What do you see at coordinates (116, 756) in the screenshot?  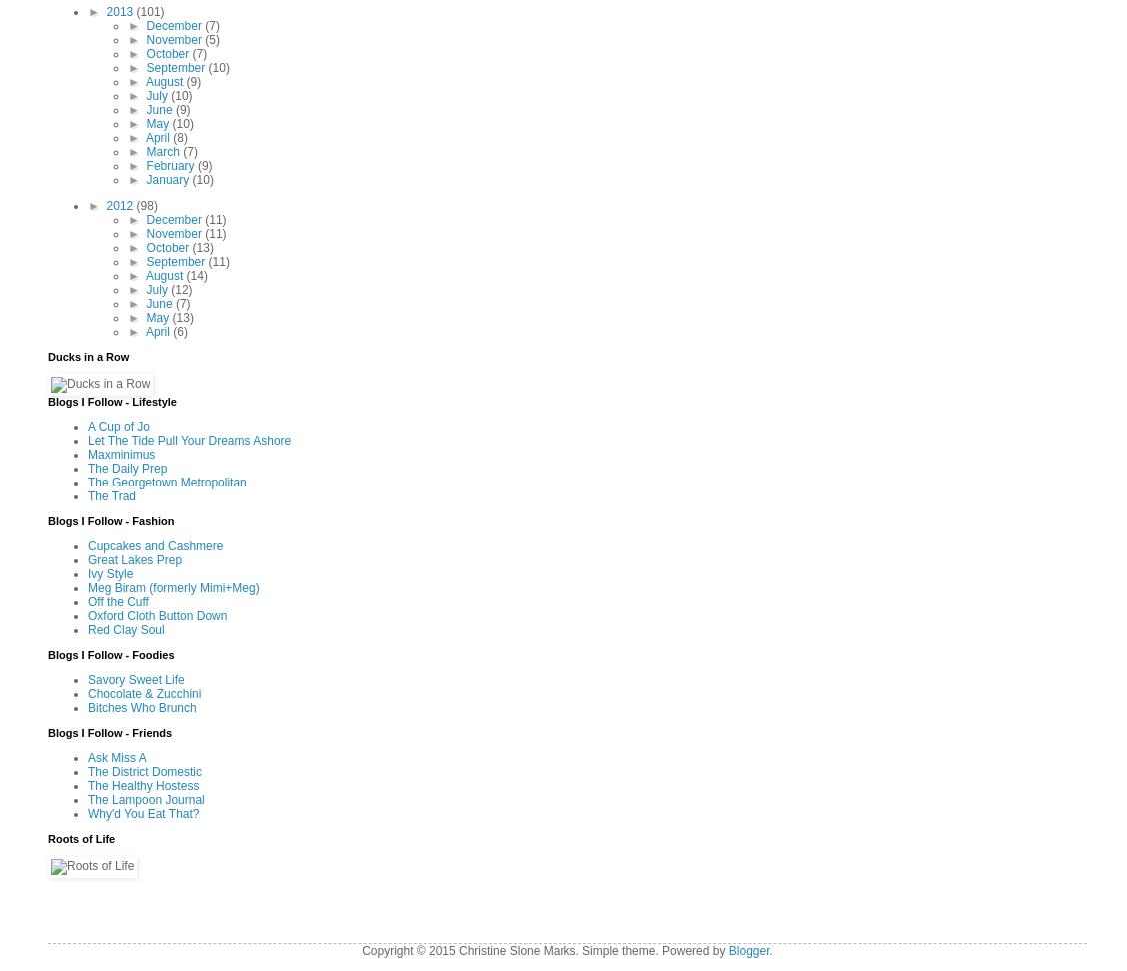 I see `'Ask Miss A'` at bounding box center [116, 756].